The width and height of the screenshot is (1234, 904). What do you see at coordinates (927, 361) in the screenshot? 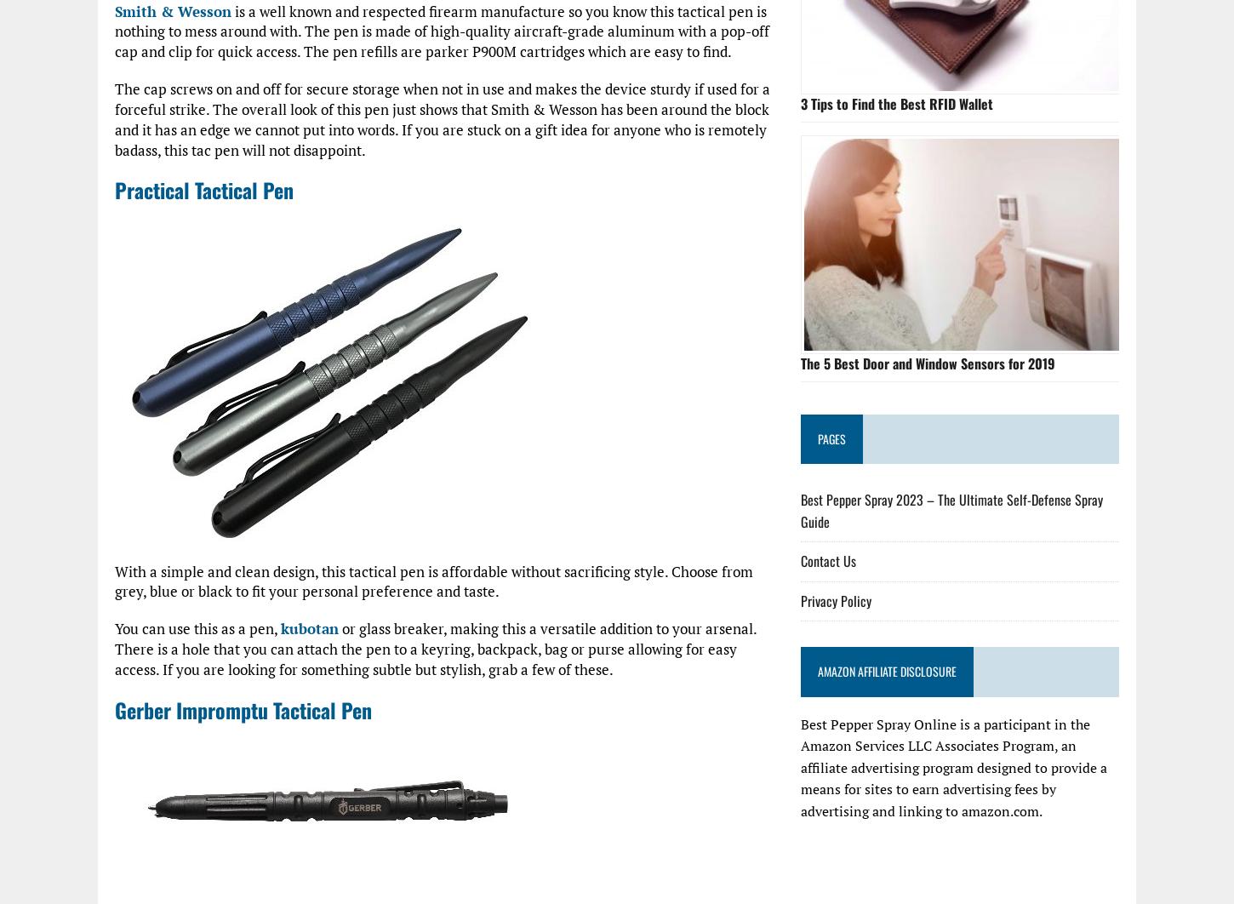
I see `'The 5 Best Door and Window Sensors for 2019'` at bounding box center [927, 361].